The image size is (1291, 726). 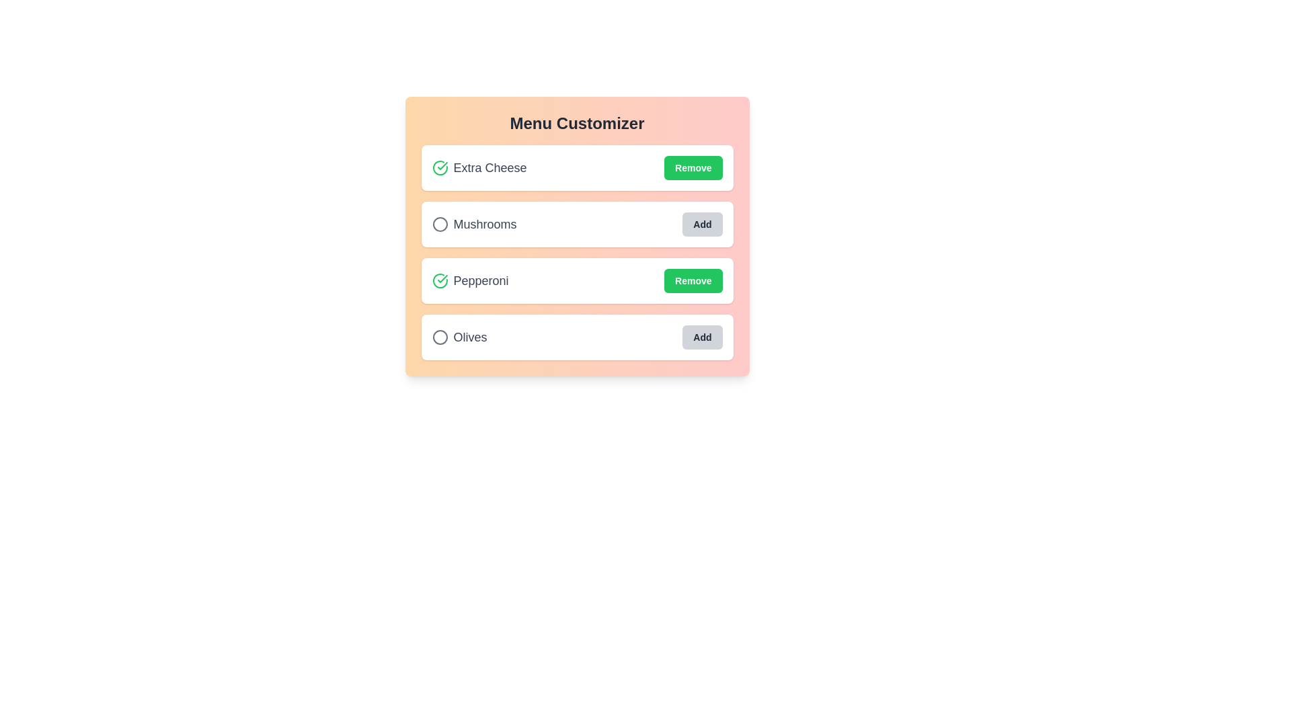 What do you see at coordinates (440, 224) in the screenshot?
I see `the circular icon for Mushrooms to toggle its selection state` at bounding box center [440, 224].